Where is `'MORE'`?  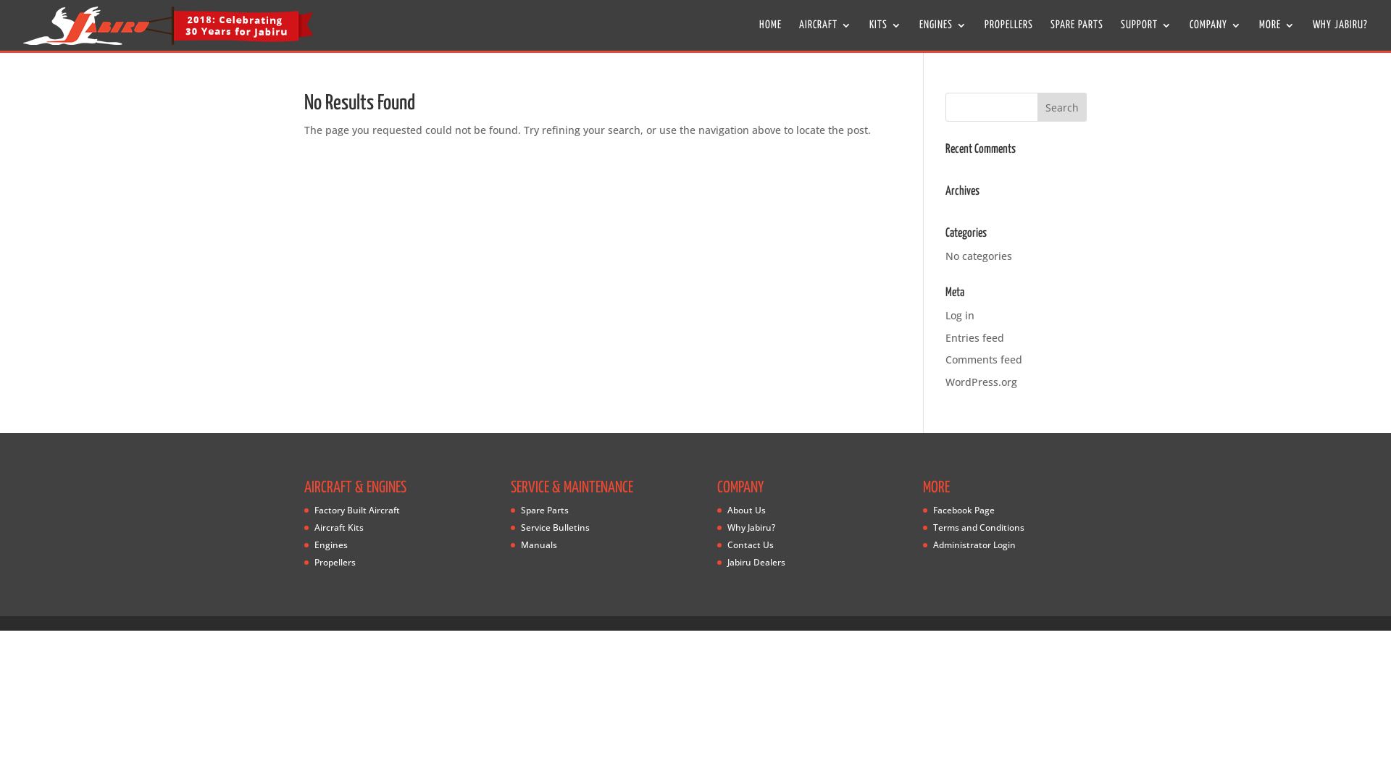 'MORE' is located at coordinates (1277, 35).